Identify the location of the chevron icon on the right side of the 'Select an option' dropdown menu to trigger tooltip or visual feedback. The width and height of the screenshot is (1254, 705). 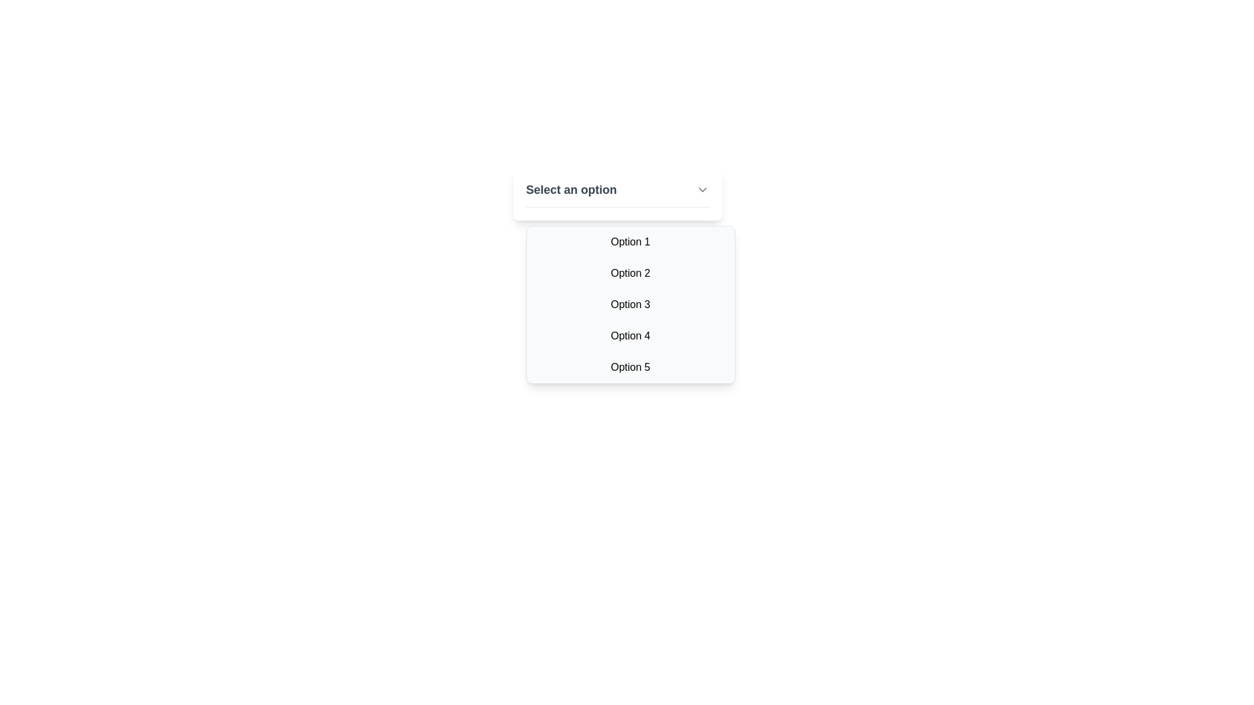
(701, 189).